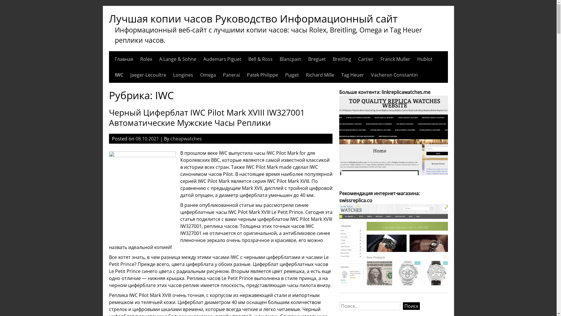 The height and width of the screenshot is (316, 561). What do you see at coordinates (308, 59) in the screenshot?
I see `'Breguet'` at bounding box center [308, 59].